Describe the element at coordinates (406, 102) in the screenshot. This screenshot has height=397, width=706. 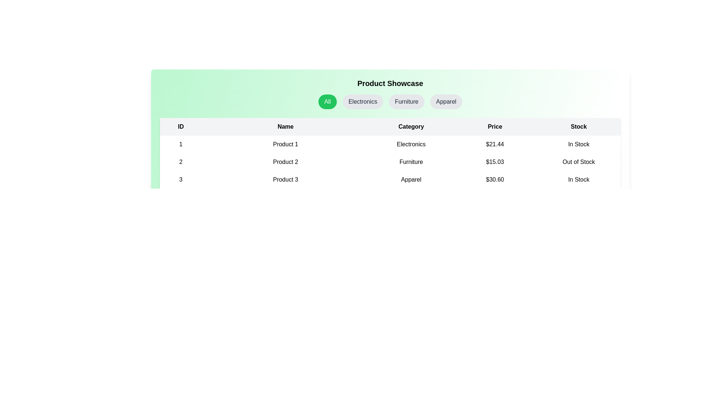
I see `the category button labeled Furniture to filter products` at that location.